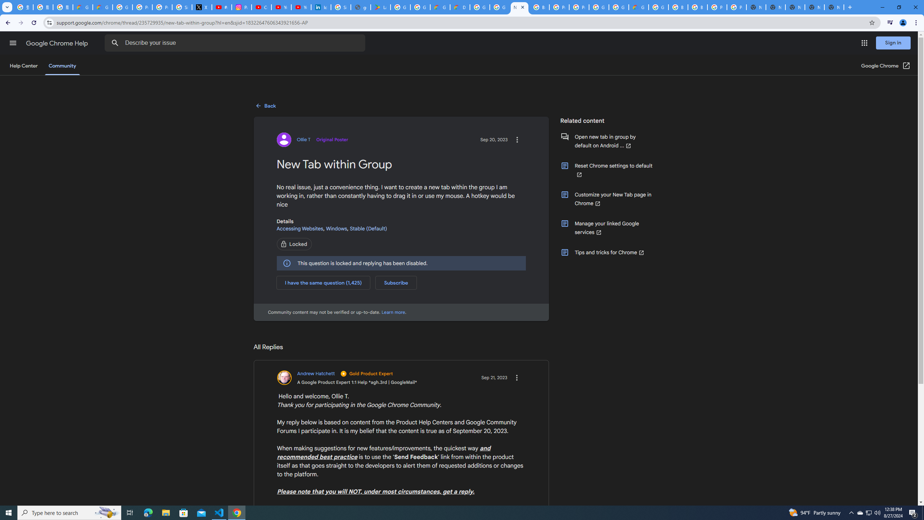  Describe the element at coordinates (618, 7) in the screenshot. I see `'Google Cloud Platform'` at that location.